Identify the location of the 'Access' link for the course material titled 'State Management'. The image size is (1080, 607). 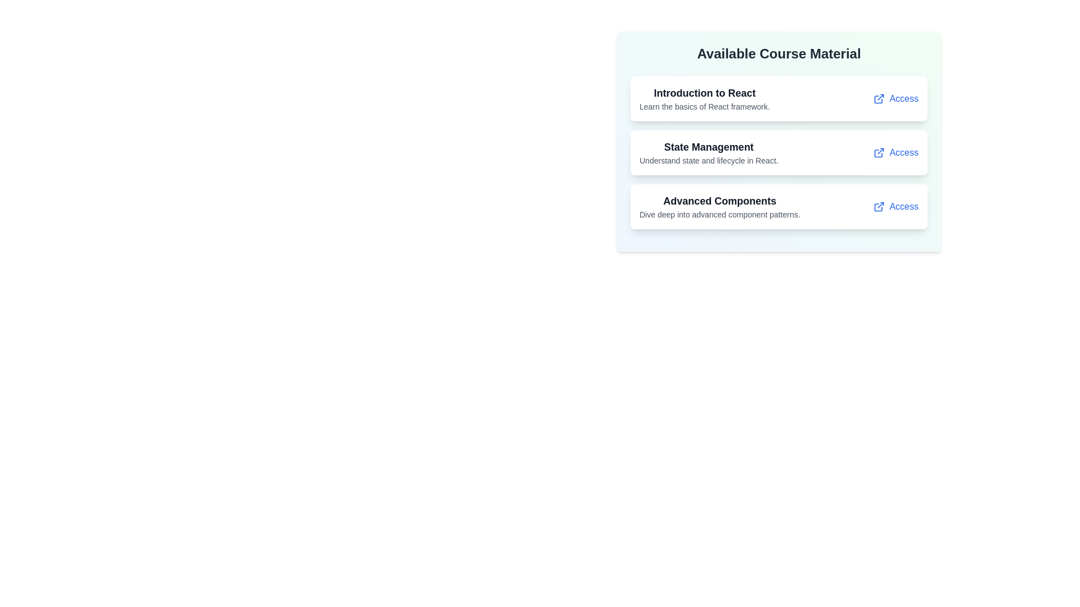
(895, 153).